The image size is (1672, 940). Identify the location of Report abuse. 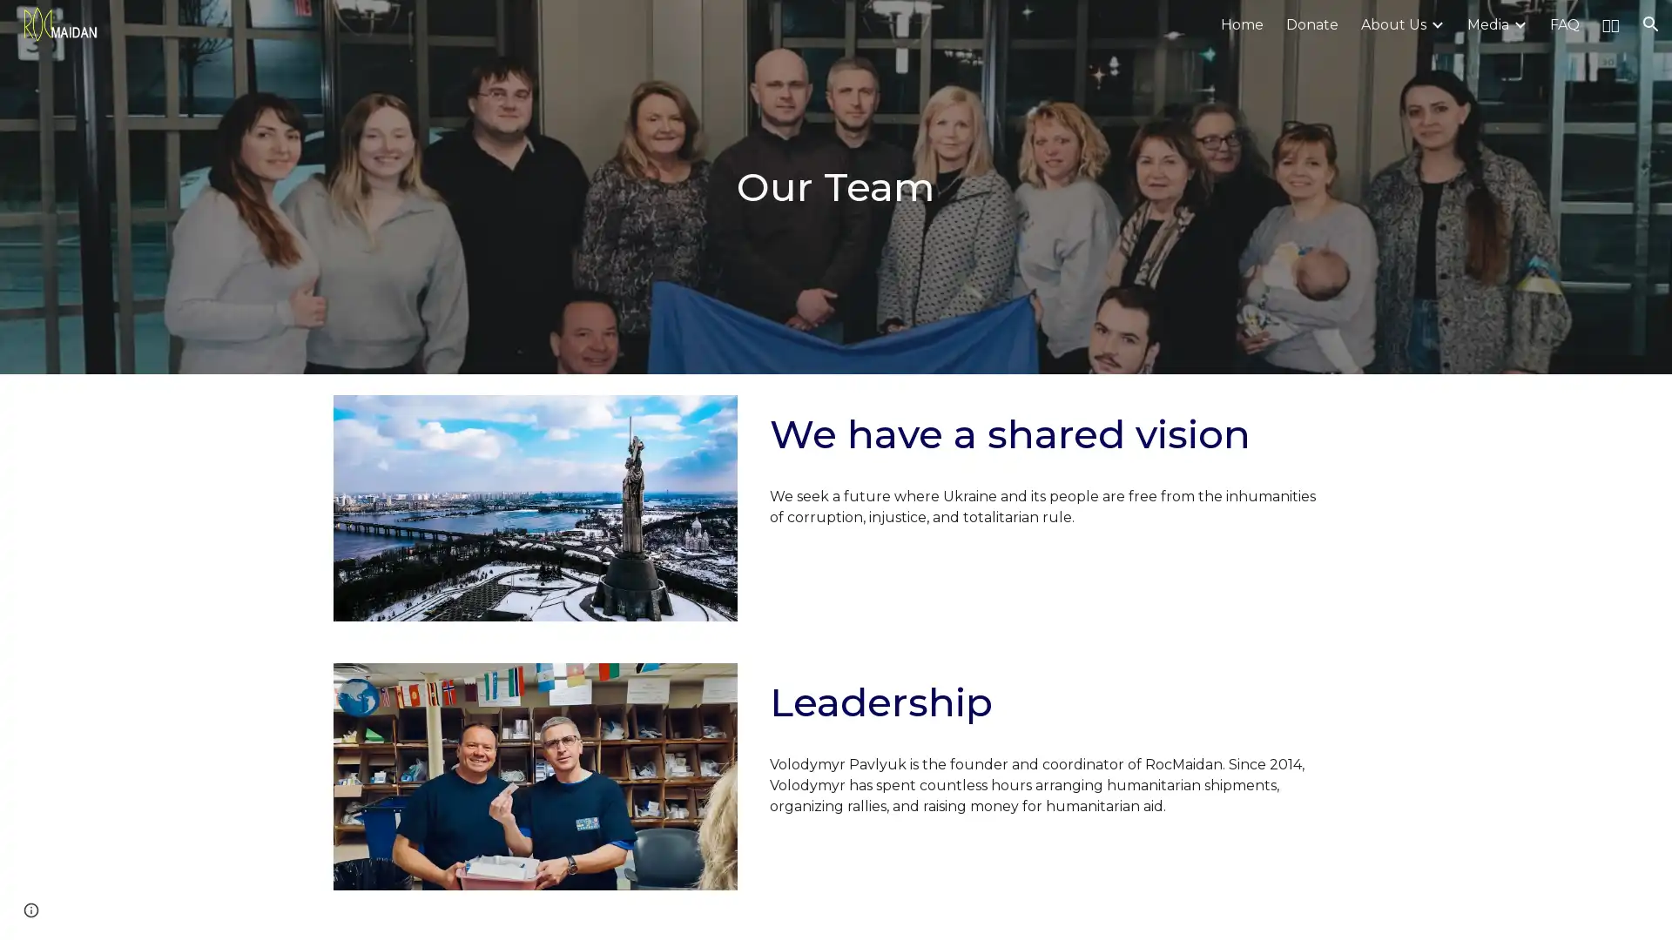
(209, 909).